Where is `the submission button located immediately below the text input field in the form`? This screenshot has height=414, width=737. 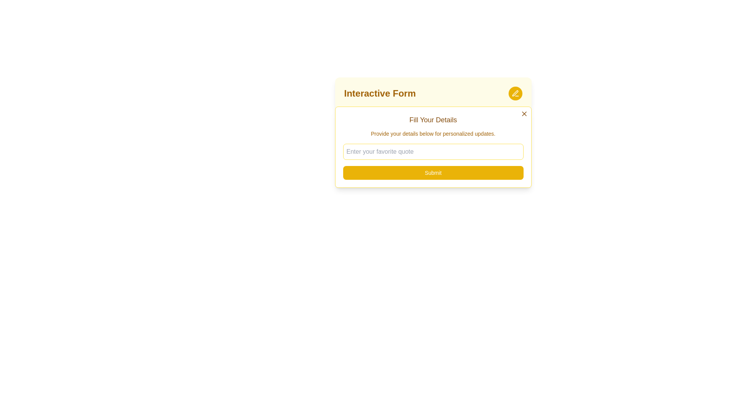 the submission button located immediately below the text input field in the form is located at coordinates (433, 173).